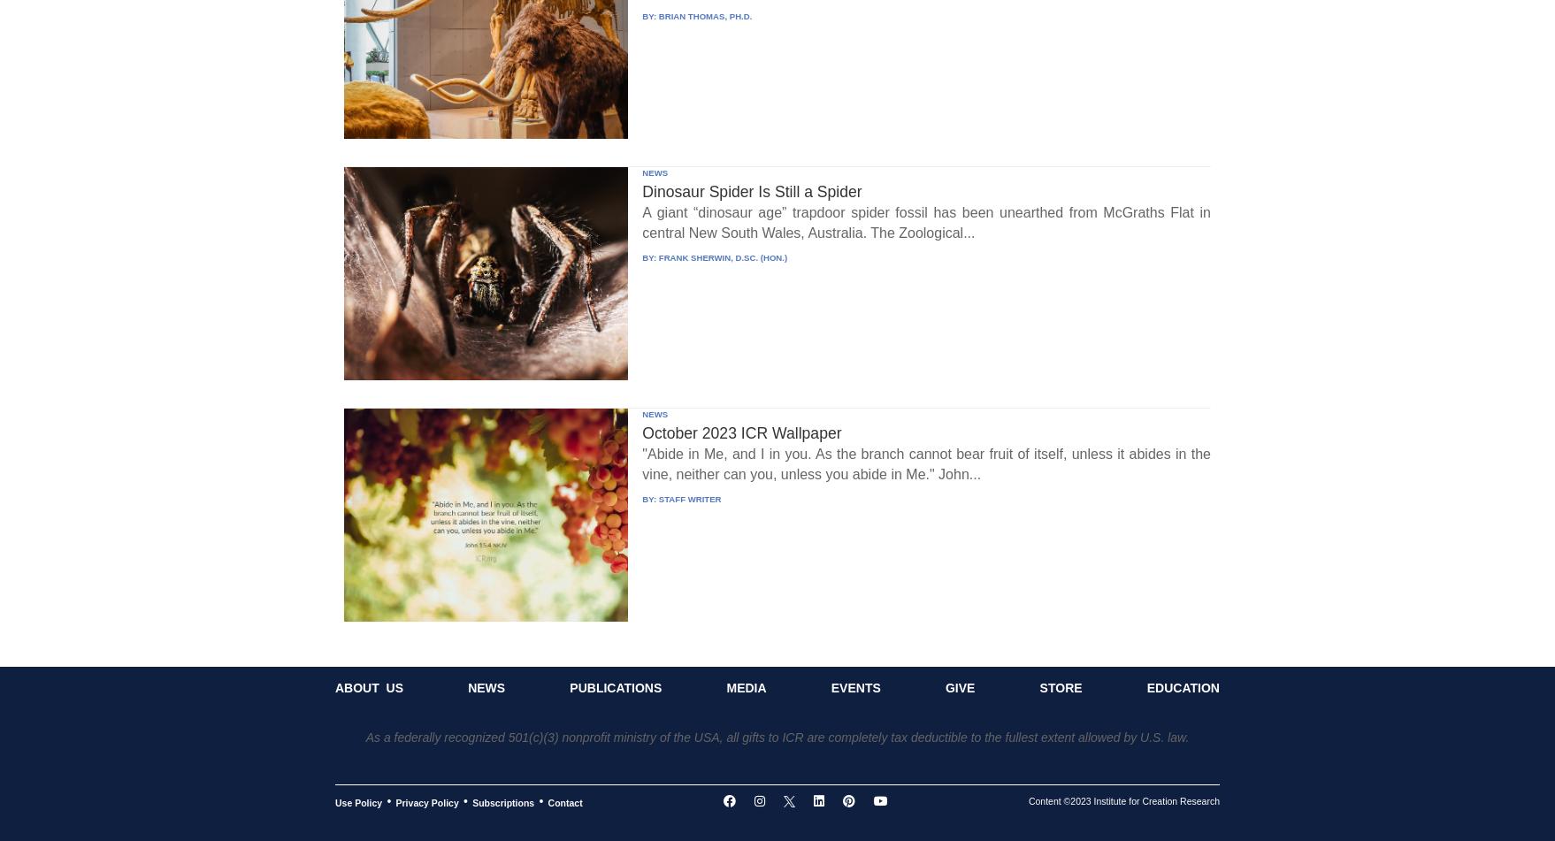 This screenshot has height=841, width=1555. I want to click on 'Publications', so click(615, 687).